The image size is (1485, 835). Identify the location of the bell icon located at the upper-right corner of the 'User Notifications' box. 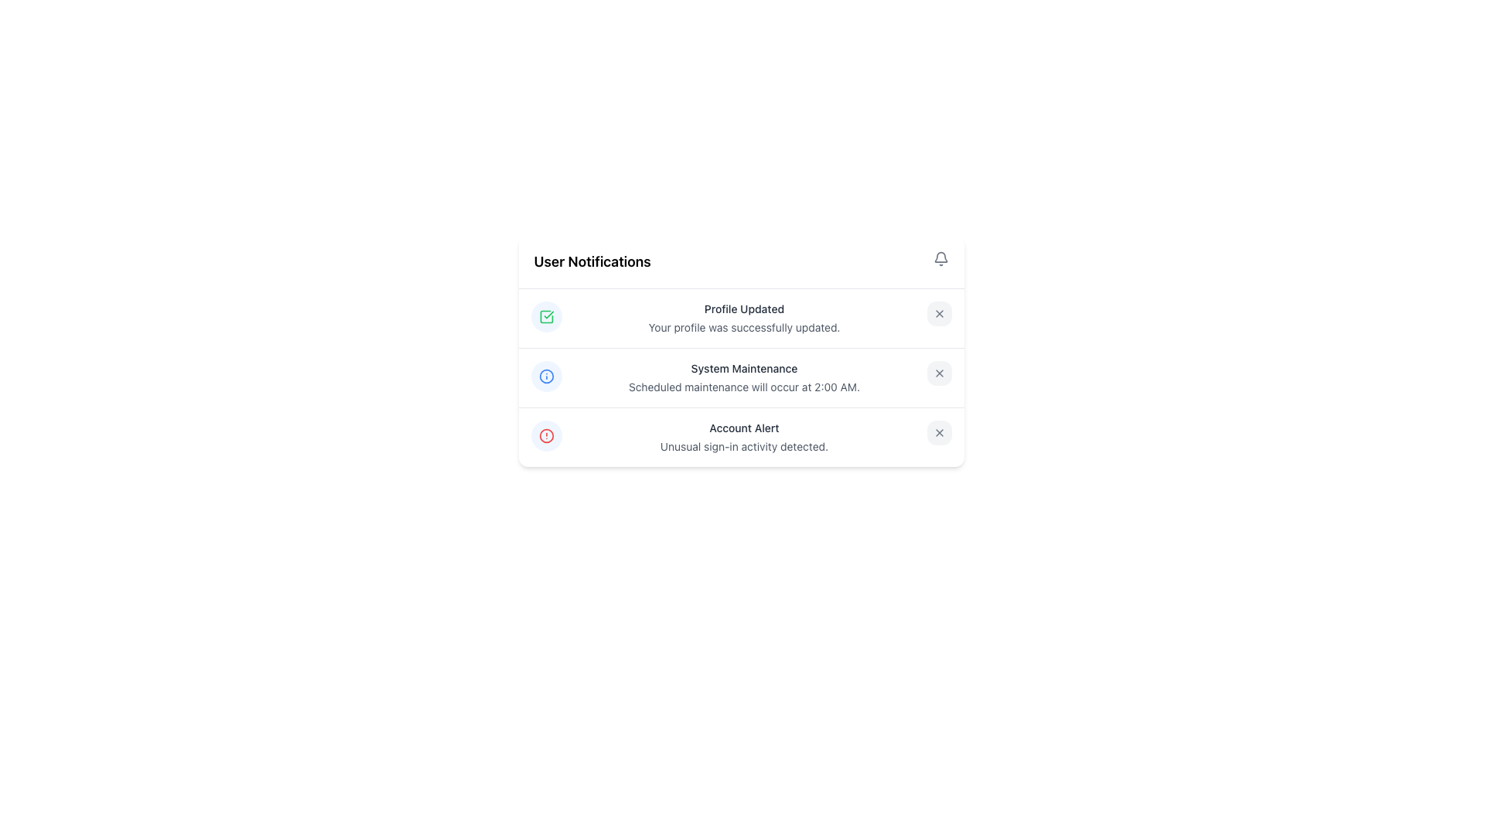
(940, 258).